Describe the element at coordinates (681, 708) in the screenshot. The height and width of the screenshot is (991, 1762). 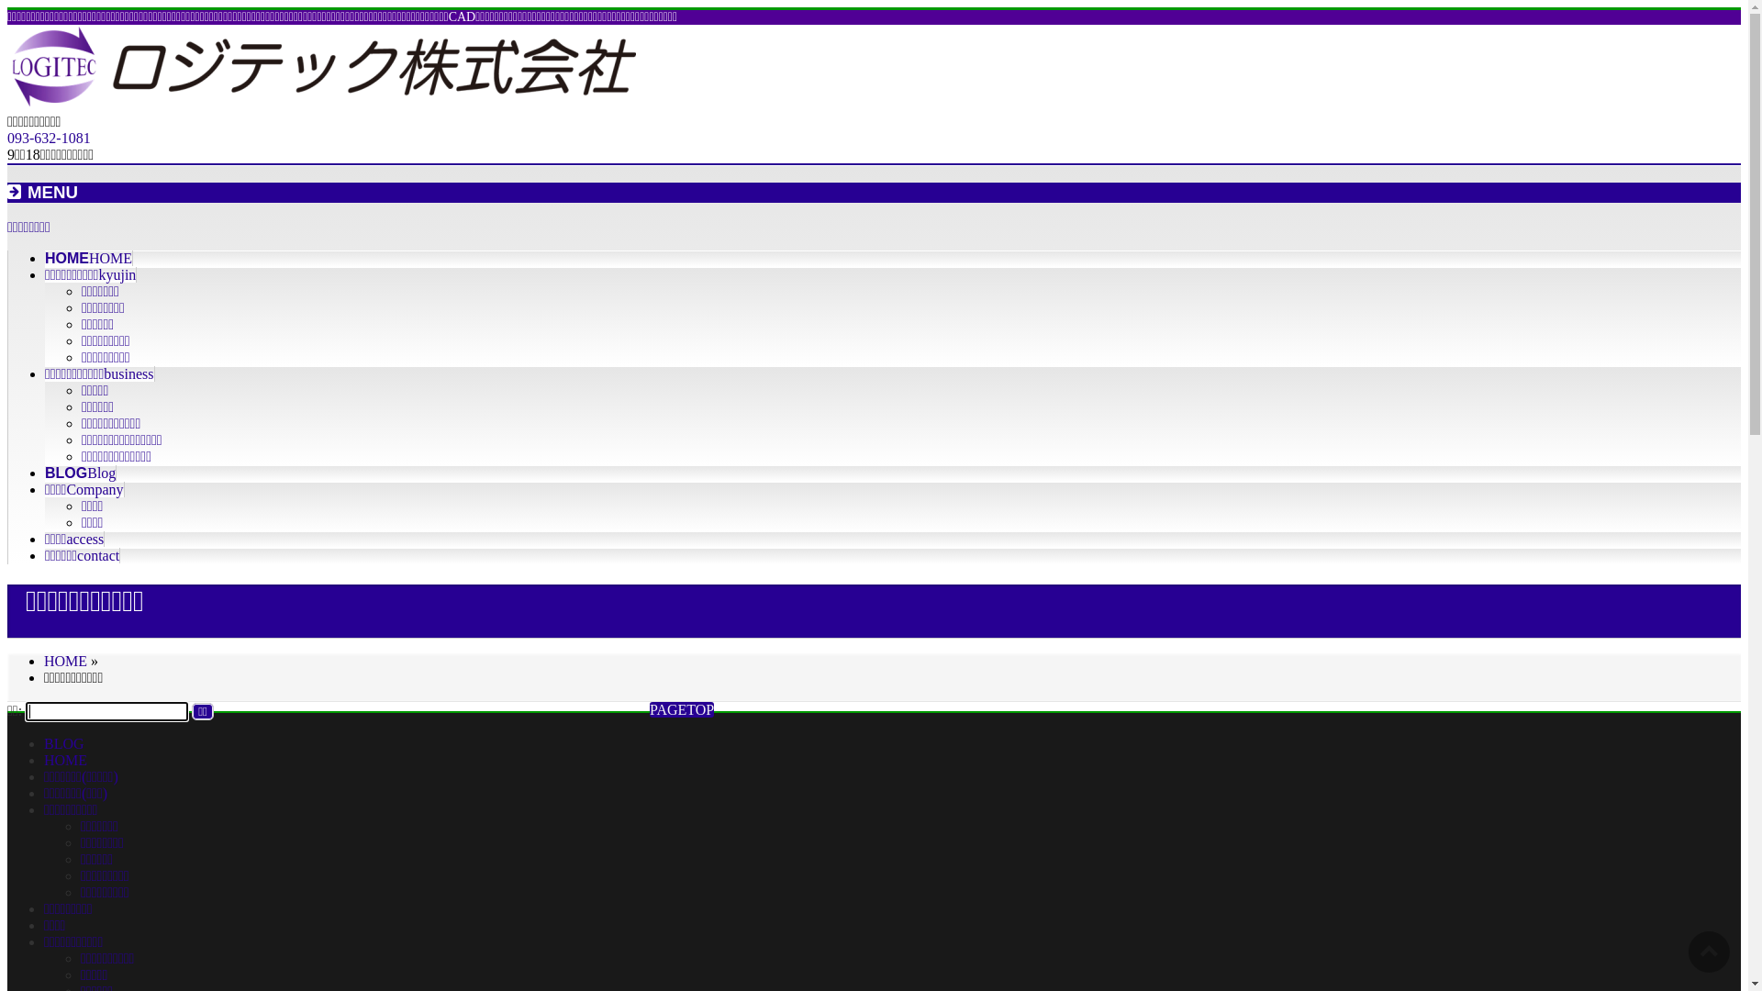
I see `'PAGETOP'` at that location.